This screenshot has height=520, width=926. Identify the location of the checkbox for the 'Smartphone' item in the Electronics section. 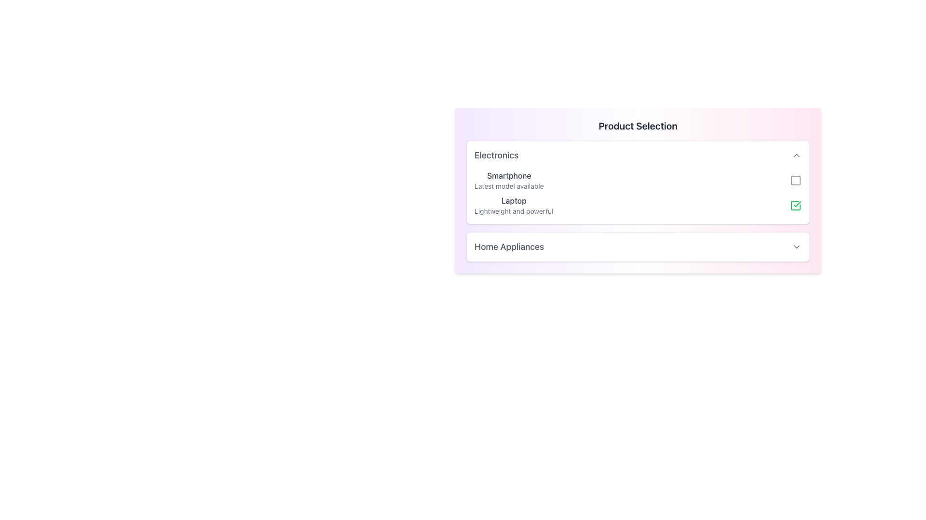
(796, 180).